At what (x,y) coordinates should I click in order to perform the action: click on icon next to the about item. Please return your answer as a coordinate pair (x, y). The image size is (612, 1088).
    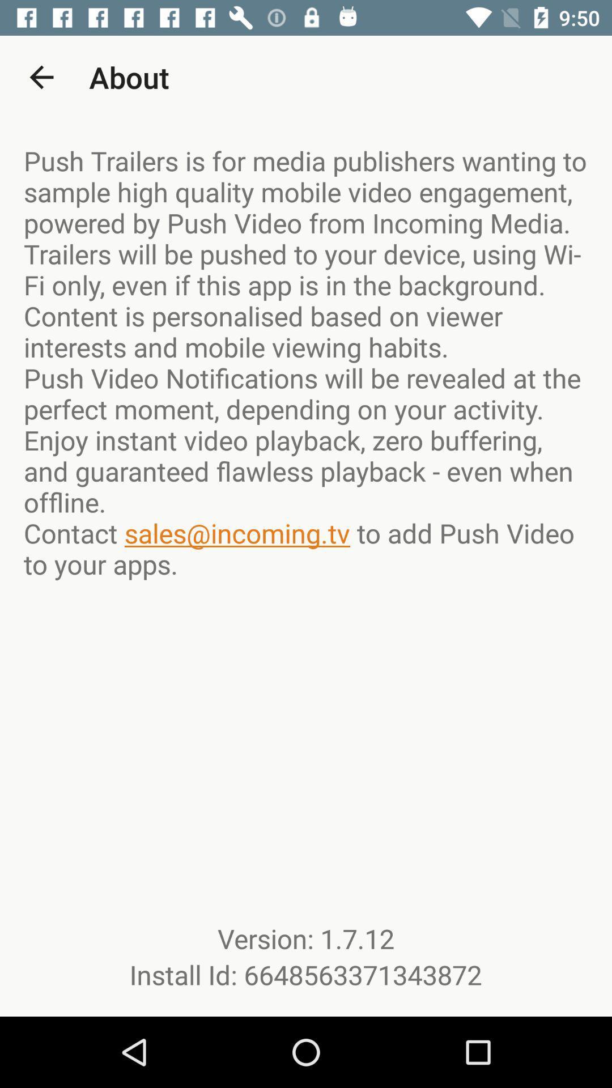
    Looking at the image, I should click on (41, 76).